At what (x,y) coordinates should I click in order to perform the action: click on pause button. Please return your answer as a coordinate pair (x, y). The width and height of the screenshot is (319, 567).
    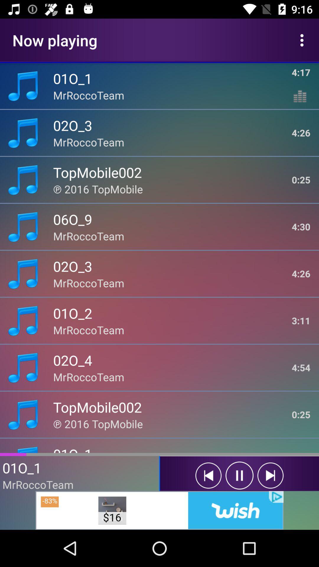
    Looking at the image, I should click on (239, 475).